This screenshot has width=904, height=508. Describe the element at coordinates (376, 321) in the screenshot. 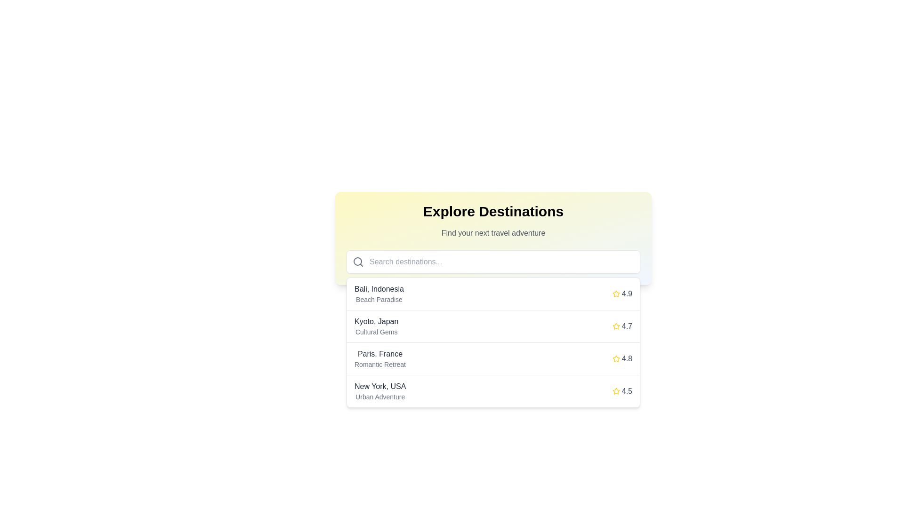

I see `text content of the label displaying 'Kyoto, Japan', which is positioned at the top of a text group and is aligned with the description 'Cultural Gems' below it` at that location.